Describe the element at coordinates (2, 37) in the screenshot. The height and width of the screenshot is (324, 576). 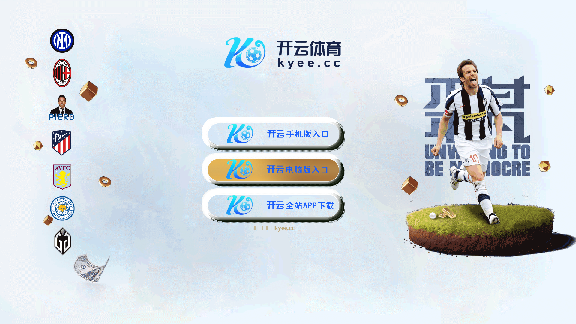
I see `'Toggle navigation'` at that location.